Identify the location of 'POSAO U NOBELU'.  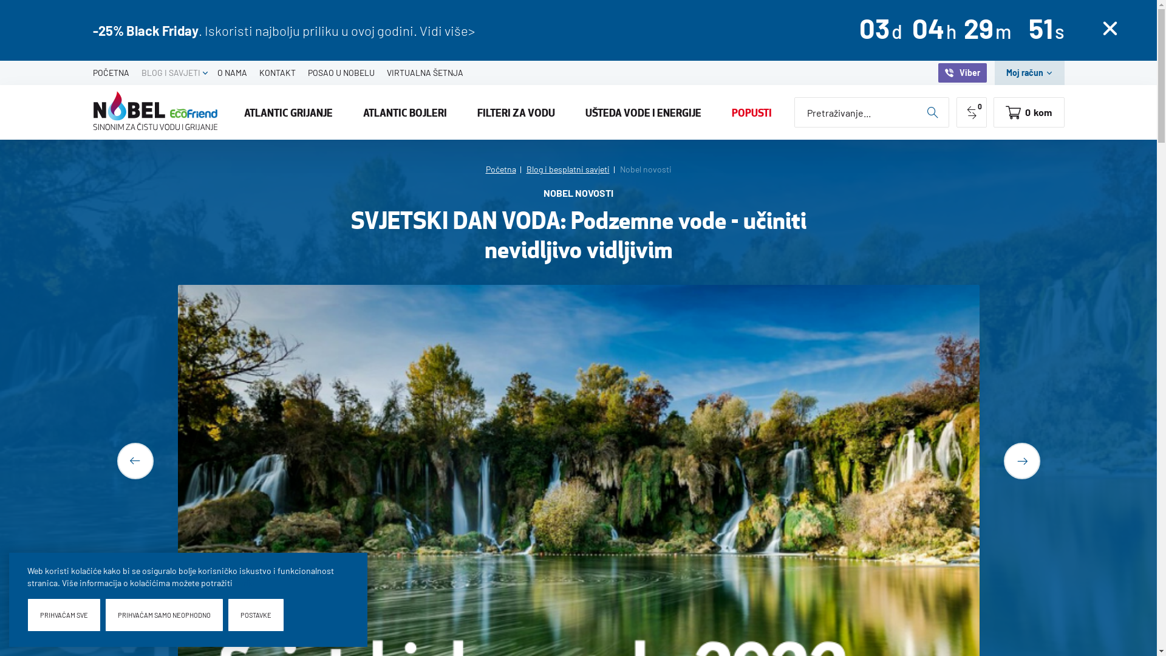
(301, 72).